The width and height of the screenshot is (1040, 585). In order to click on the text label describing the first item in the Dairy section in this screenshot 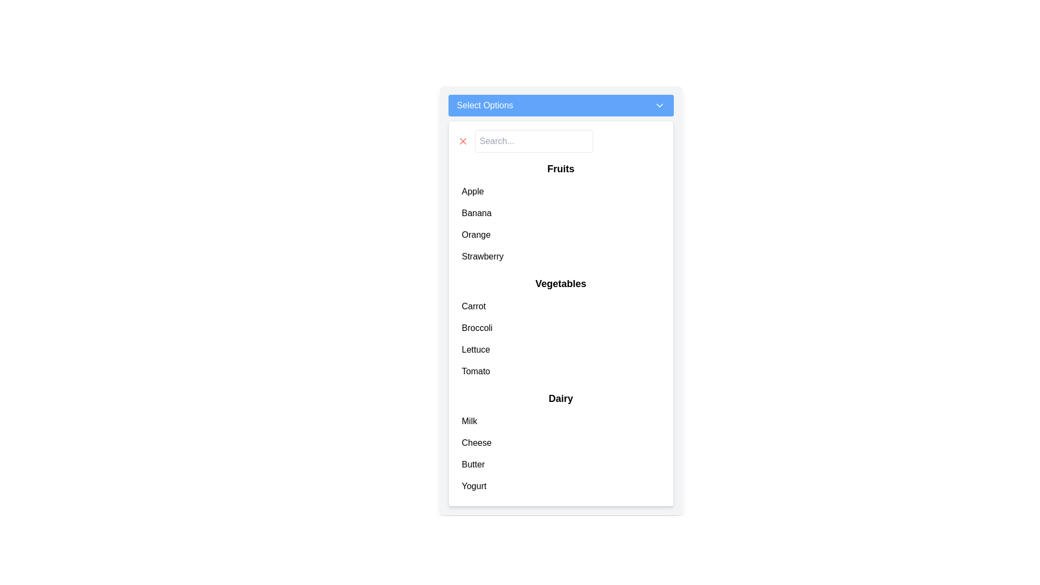, I will do `click(469, 421)`.